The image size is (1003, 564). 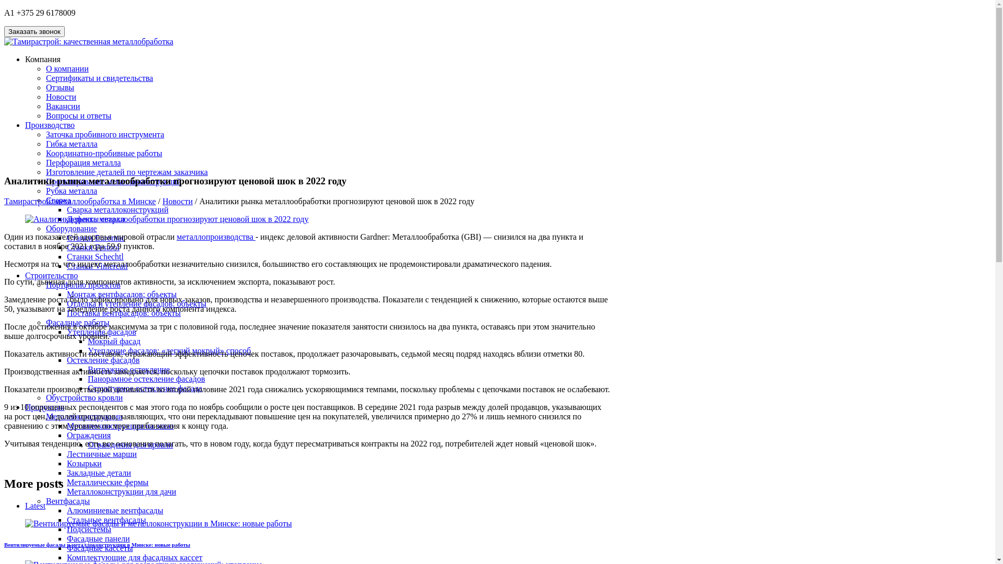 I want to click on 'Latest', so click(x=35, y=505).